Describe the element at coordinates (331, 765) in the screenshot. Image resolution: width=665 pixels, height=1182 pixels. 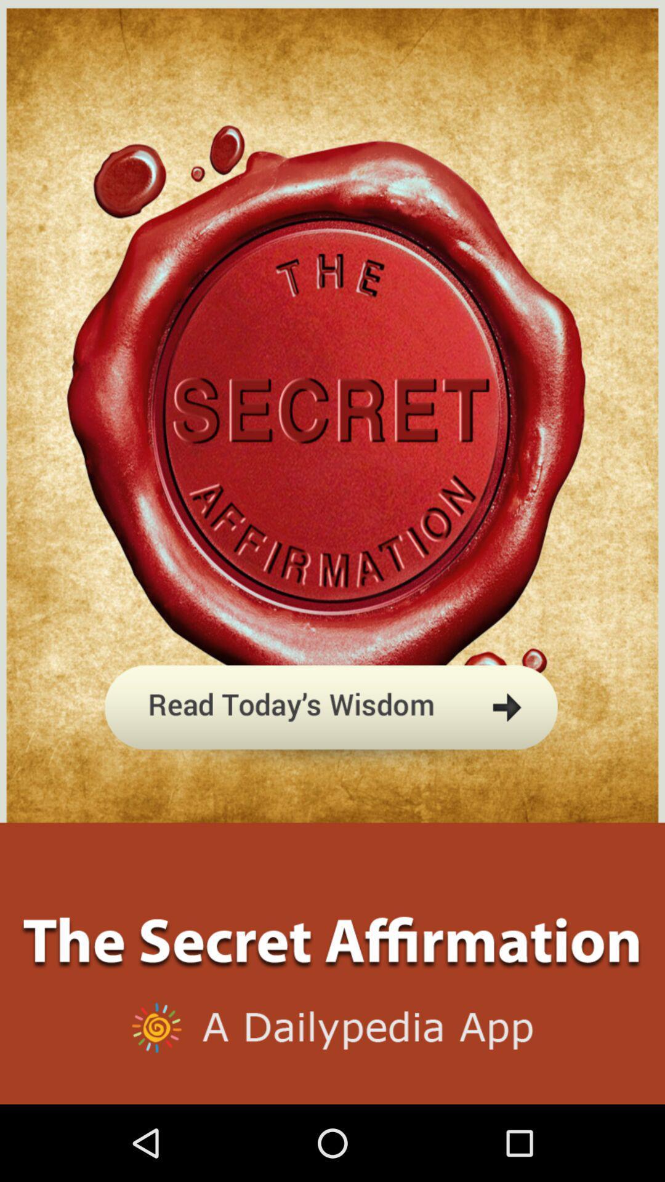
I see `let go to read` at that location.